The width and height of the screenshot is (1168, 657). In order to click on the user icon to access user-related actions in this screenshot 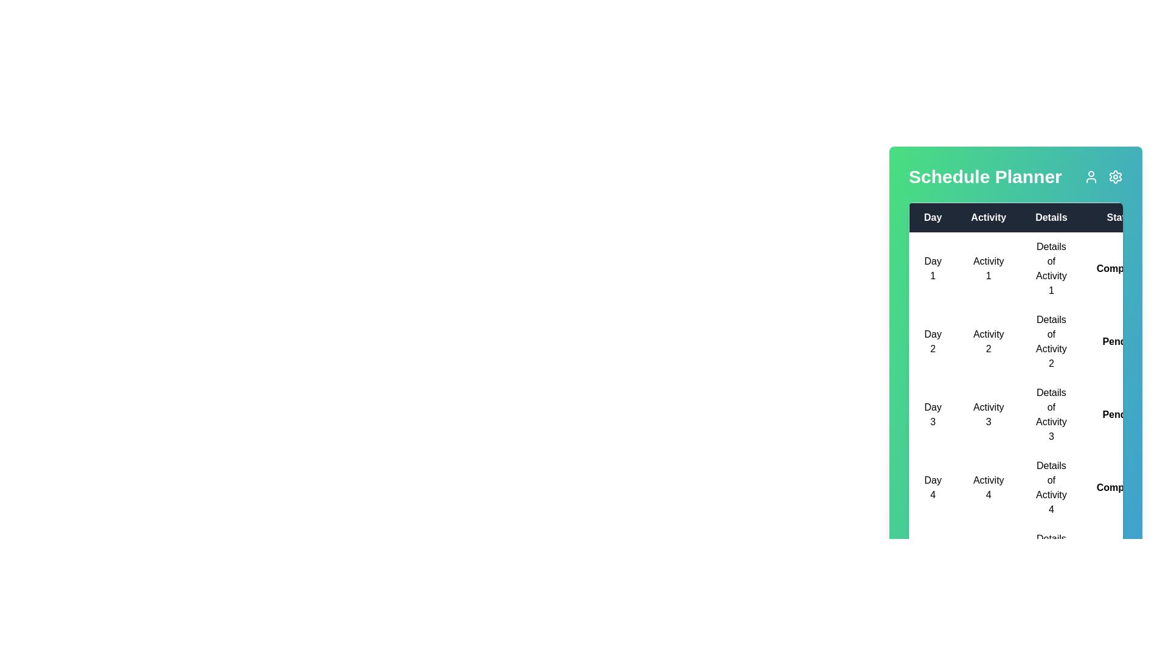, I will do `click(1091, 176)`.